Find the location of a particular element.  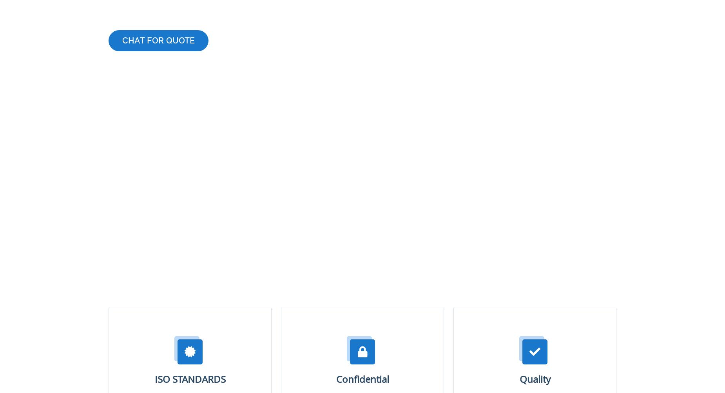

'Typing' is located at coordinates (125, 317).